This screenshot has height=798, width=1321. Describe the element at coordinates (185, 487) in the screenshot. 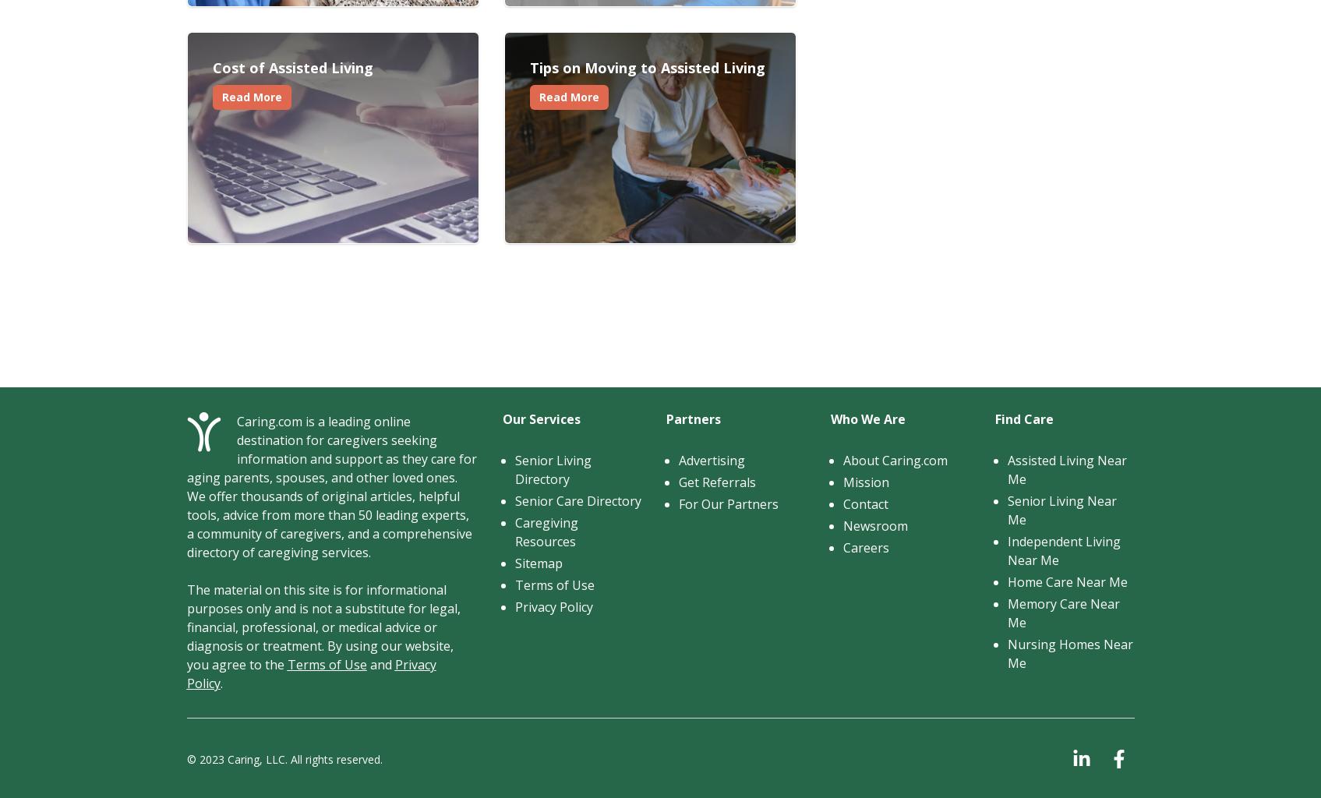

I see `'Caring.com is a leading online destination for caregivers seeking information and support as they care for aging parents, spouses, and other loved ones. We offer thousands of original articles, helpful tools, advice from more than 50 leading experts, a community of caregivers, and a comprehensive directory of caregiving services.'` at that location.